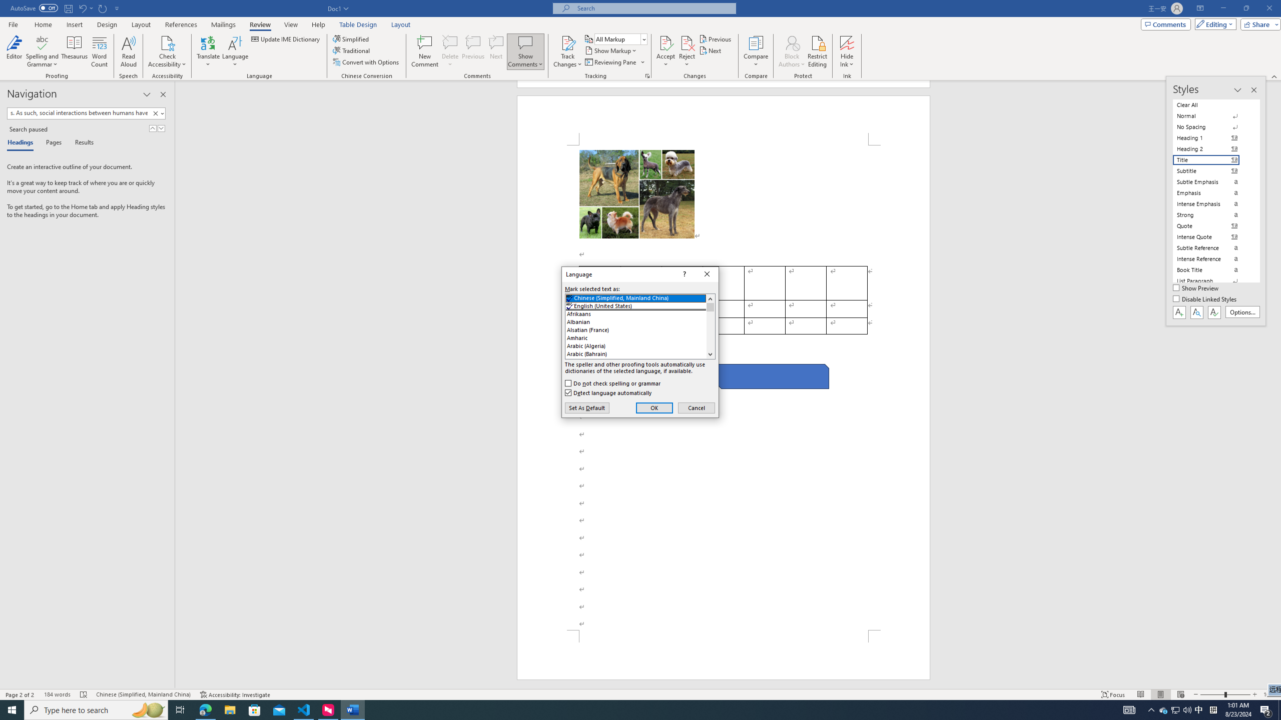  I want to click on 'Word Count 184 words', so click(57, 694).